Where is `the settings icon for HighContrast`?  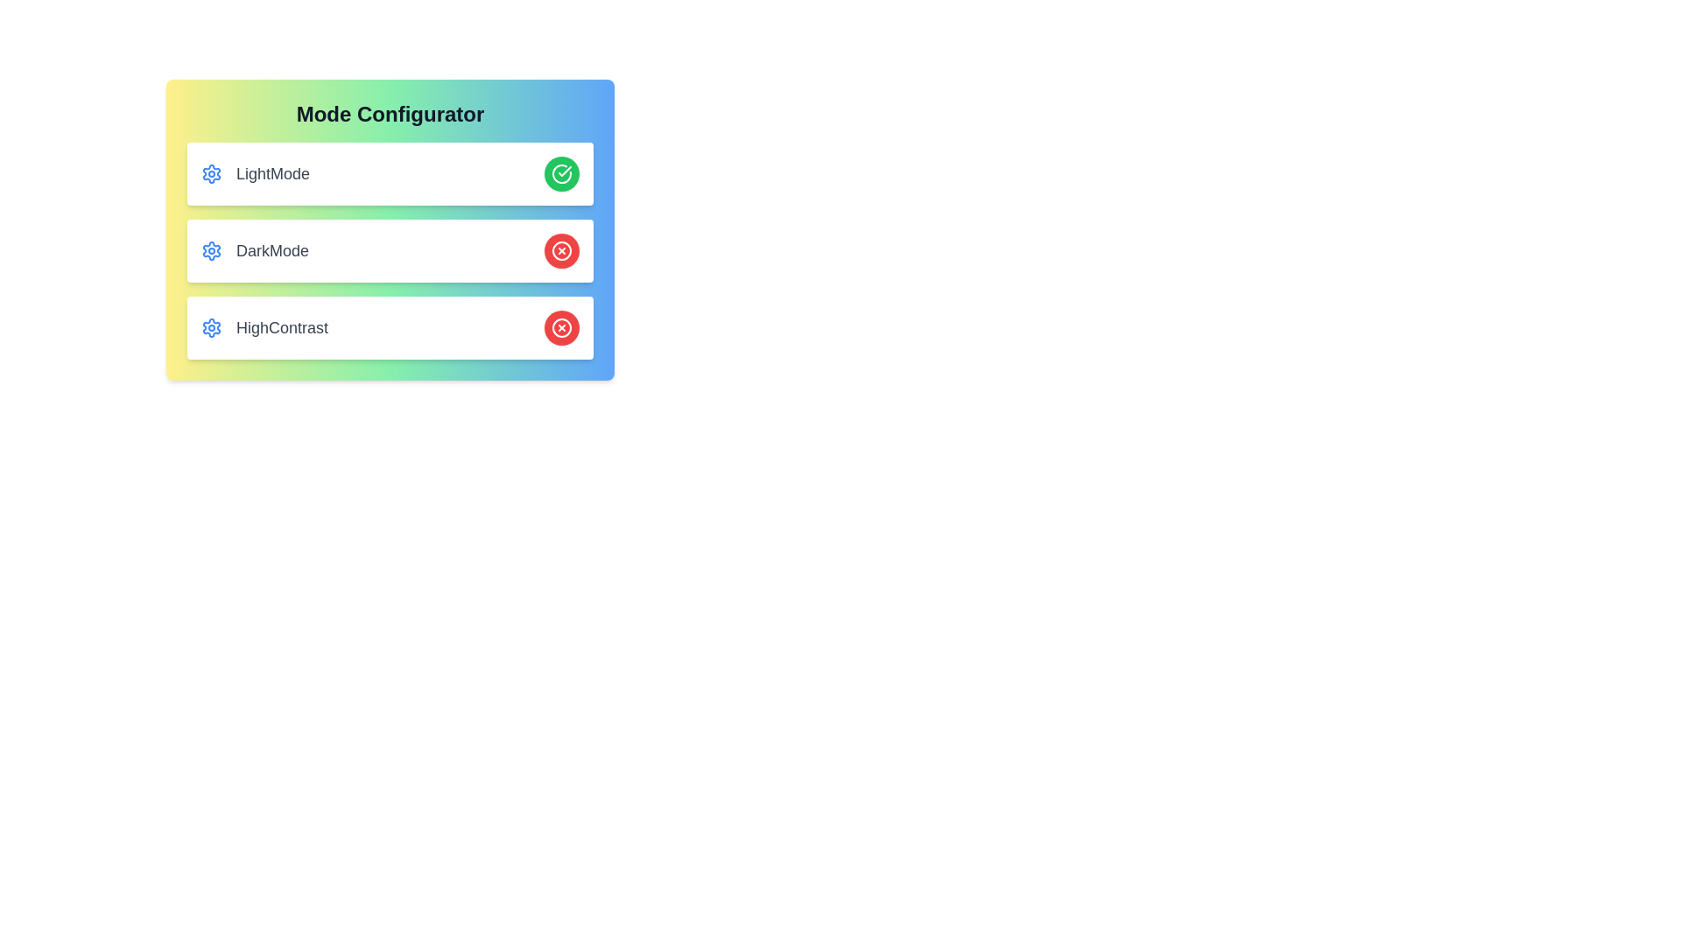
the settings icon for HighContrast is located at coordinates (210, 327).